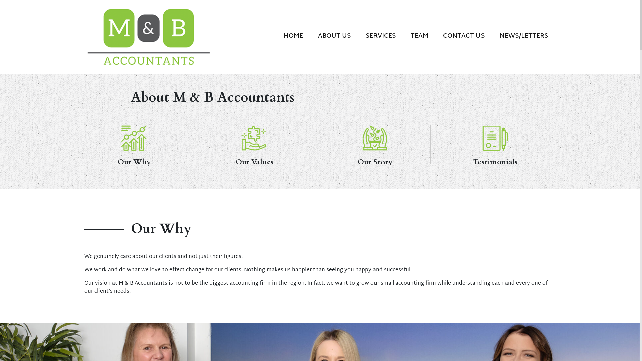  What do you see at coordinates (357, 36) in the screenshot?
I see `'SERVICES'` at bounding box center [357, 36].